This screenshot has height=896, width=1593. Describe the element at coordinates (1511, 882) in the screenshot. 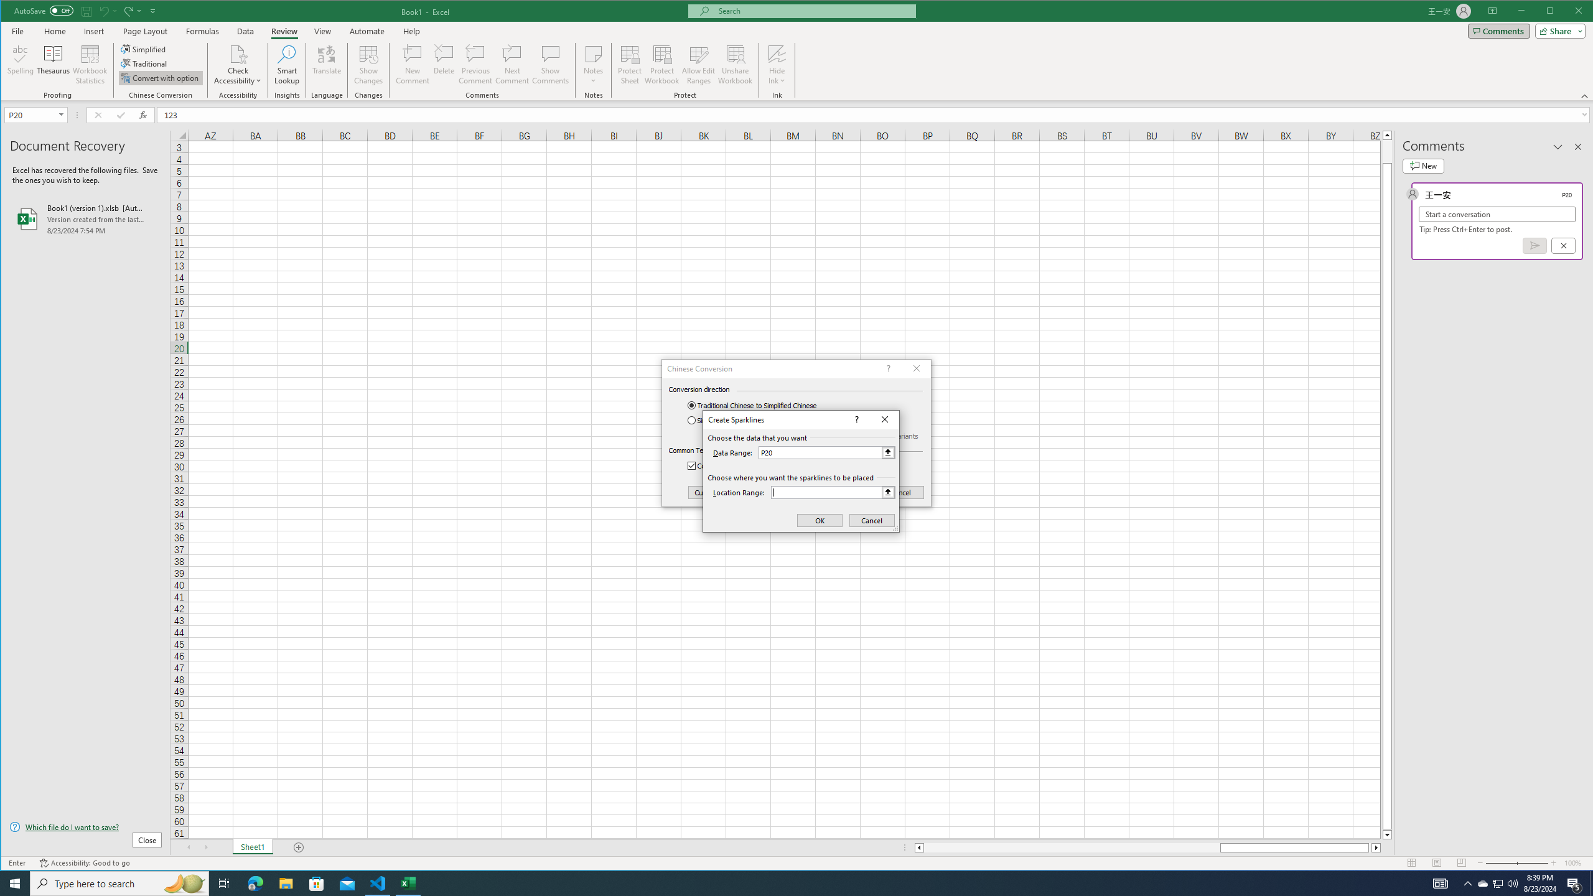

I see `'Q2790: 100%'` at that location.